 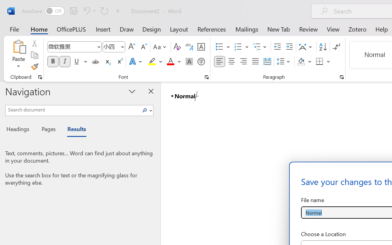 What do you see at coordinates (277, 47) in the screenshot?
I see `'Decrease Indent'` at bounding box center [277, 47].